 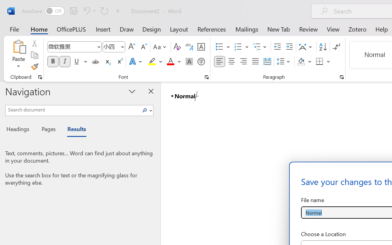 What do you see at coordinates (277, 47) in the screenshot?
I see `'Decrease Indent'` at bounding box center [277, 47].